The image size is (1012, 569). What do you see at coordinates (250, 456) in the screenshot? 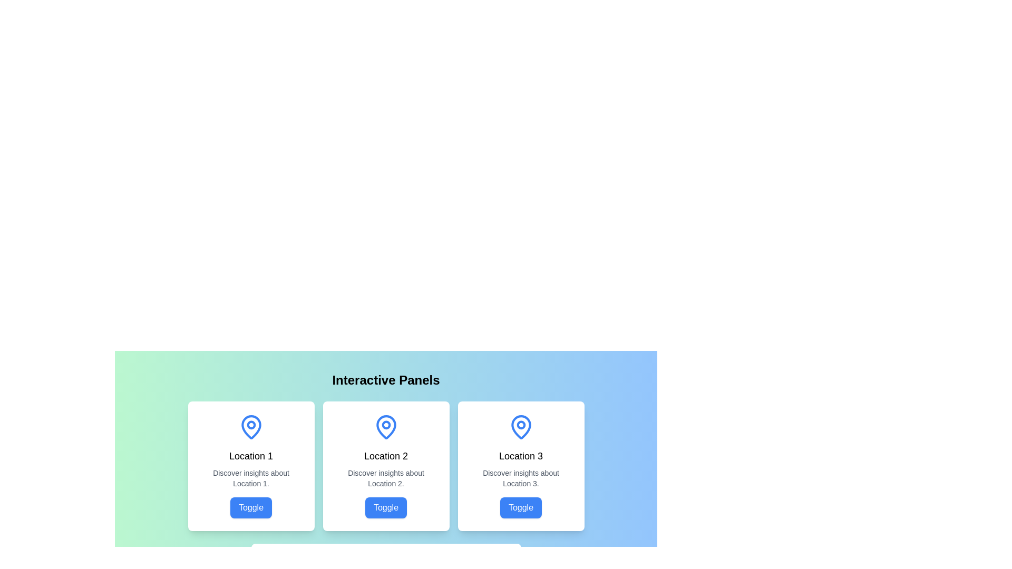
I see `static text label displaying 'Location 1', which is centrally positioned in the first panel of a card-like structure beneath a map pin icon` at bounding box center [250, 456].